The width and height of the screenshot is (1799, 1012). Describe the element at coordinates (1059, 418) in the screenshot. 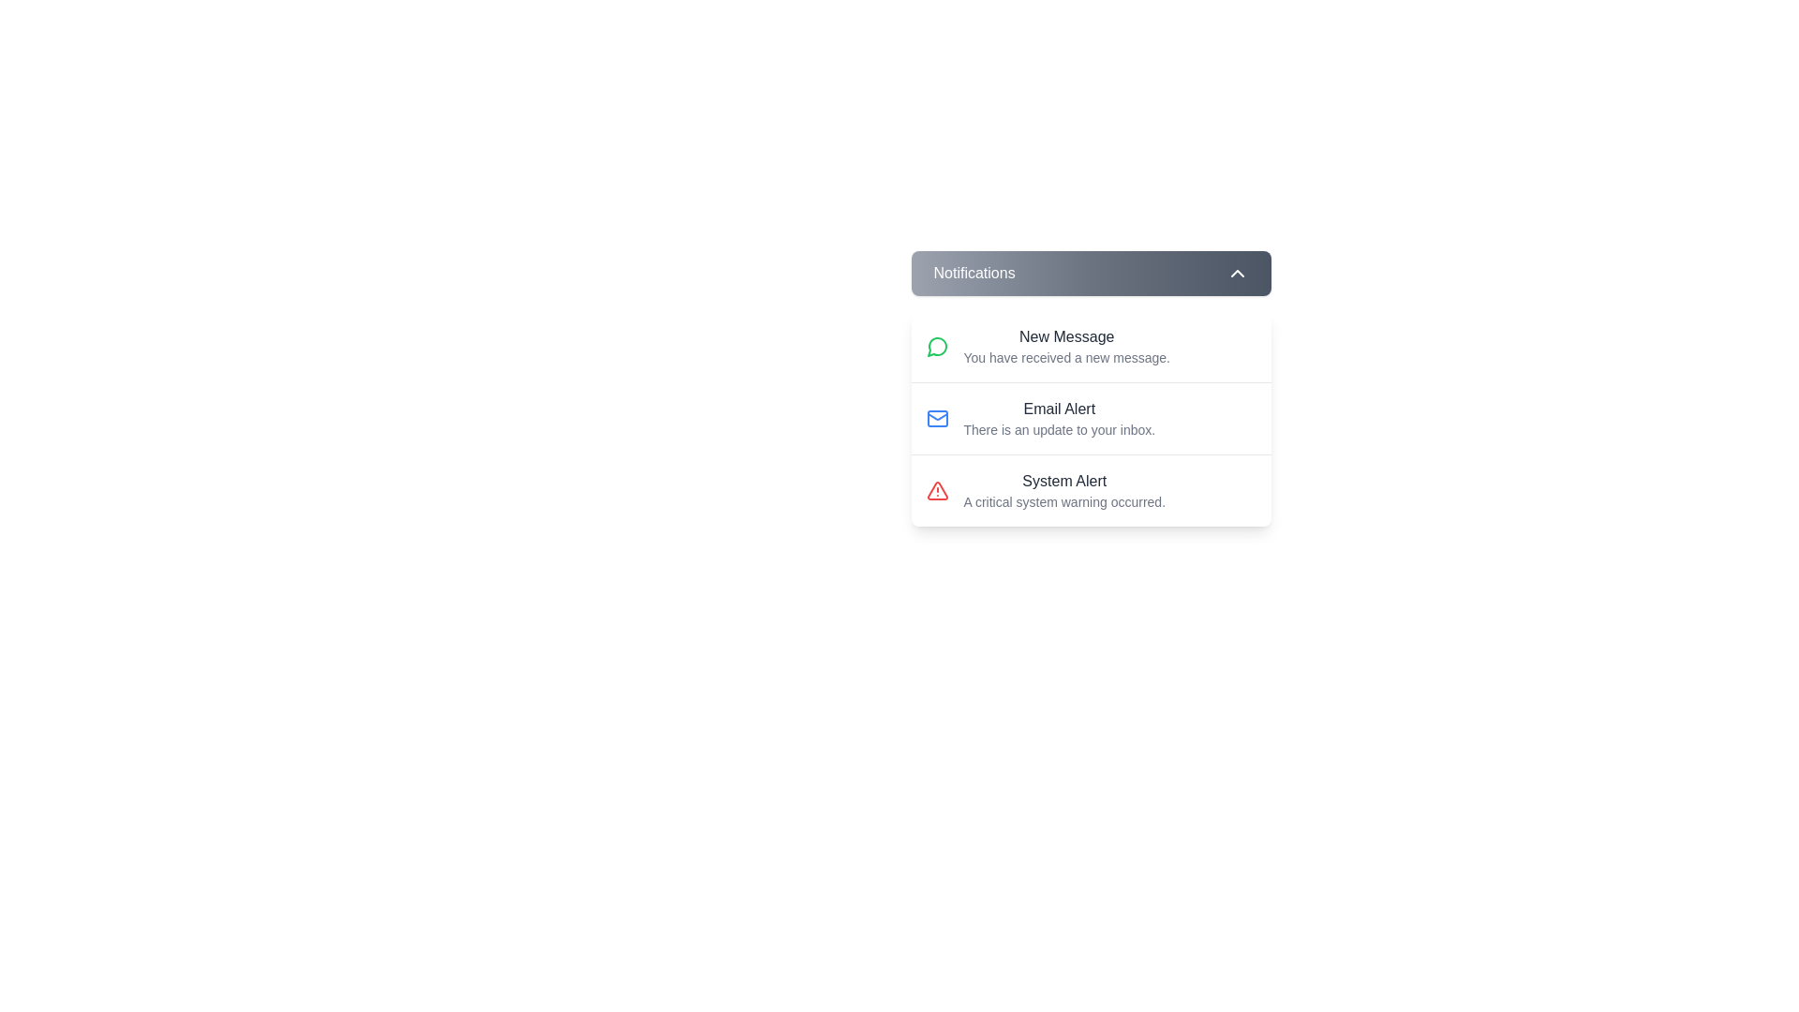

I see `the Notification item displaying 'Email Alert' in bold font, which is positioned within the notification panel as the second listed item` at that location.